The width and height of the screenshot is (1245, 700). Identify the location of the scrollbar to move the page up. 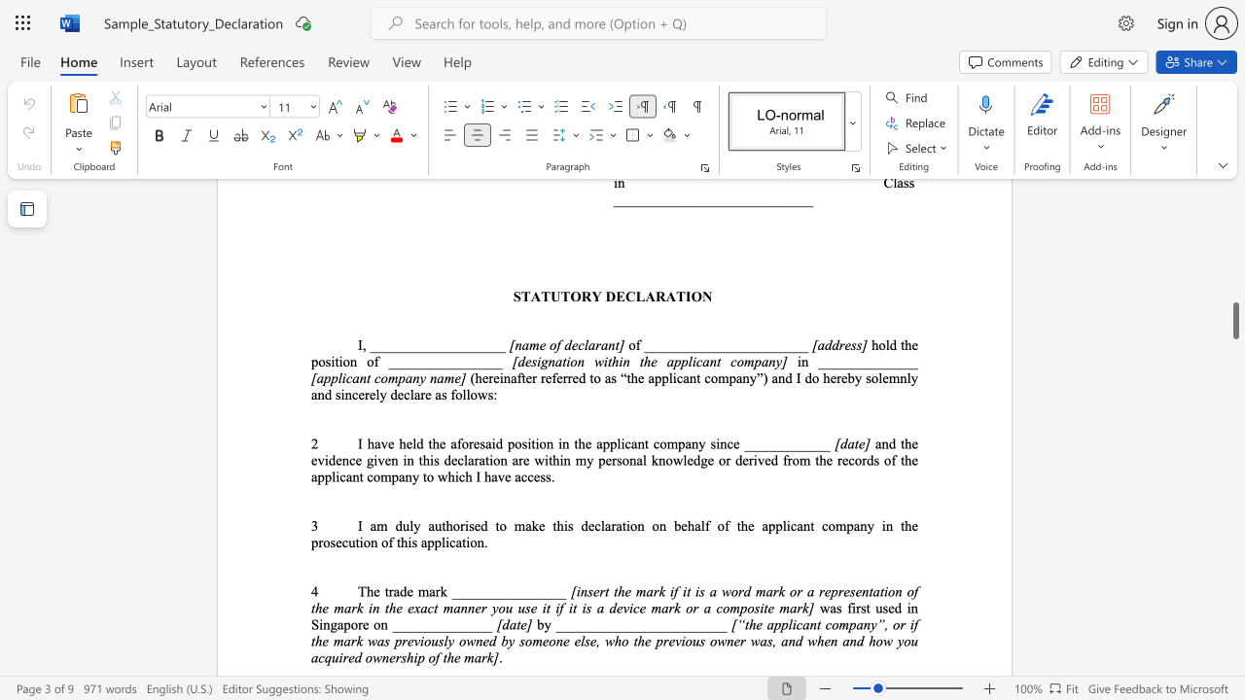
(1234, 272).